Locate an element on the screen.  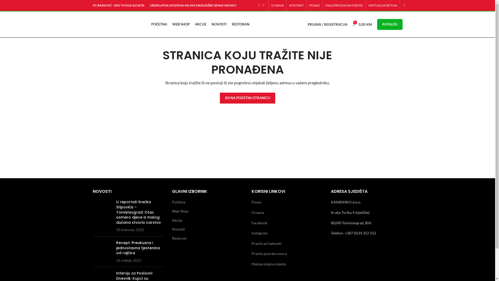
'O NAMA' is located at coordinates (277, 5).